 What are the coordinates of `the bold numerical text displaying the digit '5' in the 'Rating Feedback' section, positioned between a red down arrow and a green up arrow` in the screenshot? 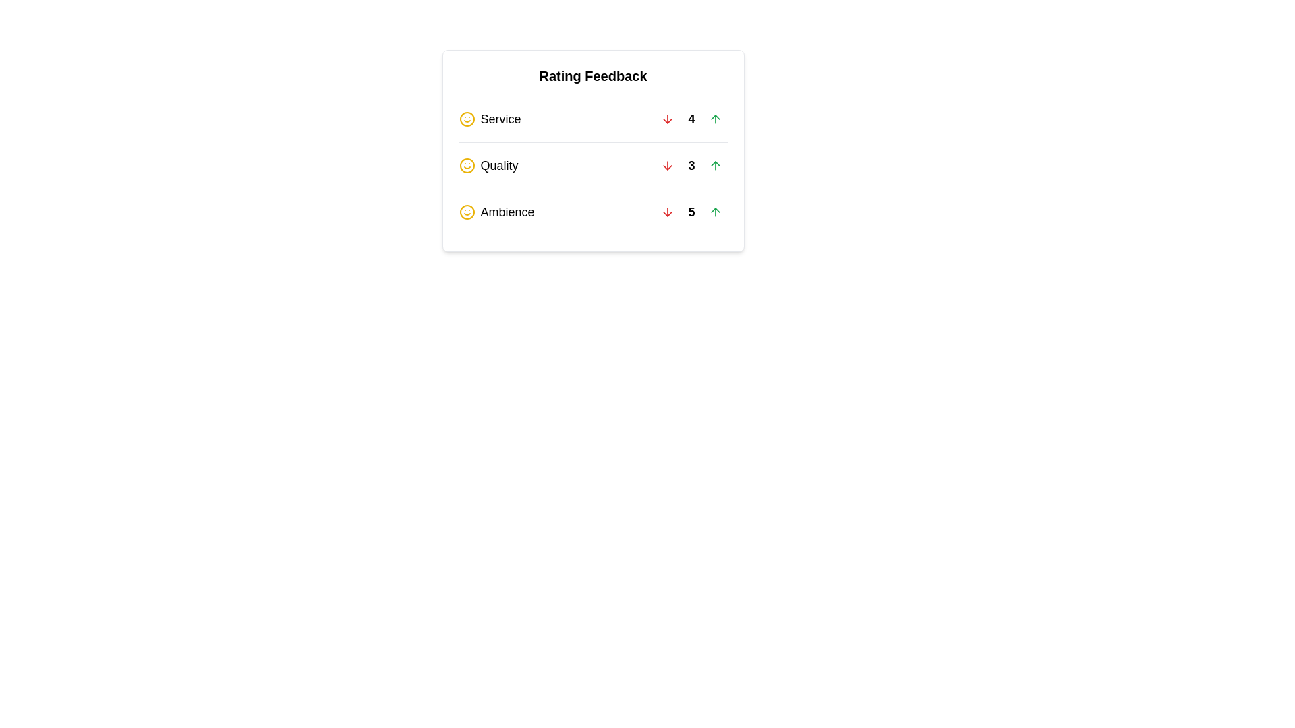 It's located at (691, 212).